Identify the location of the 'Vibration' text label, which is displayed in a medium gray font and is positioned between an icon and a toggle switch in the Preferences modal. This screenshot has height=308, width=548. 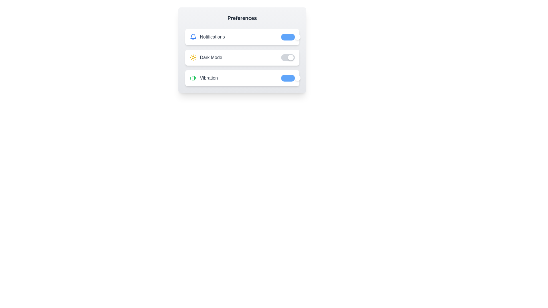
(208, 78).